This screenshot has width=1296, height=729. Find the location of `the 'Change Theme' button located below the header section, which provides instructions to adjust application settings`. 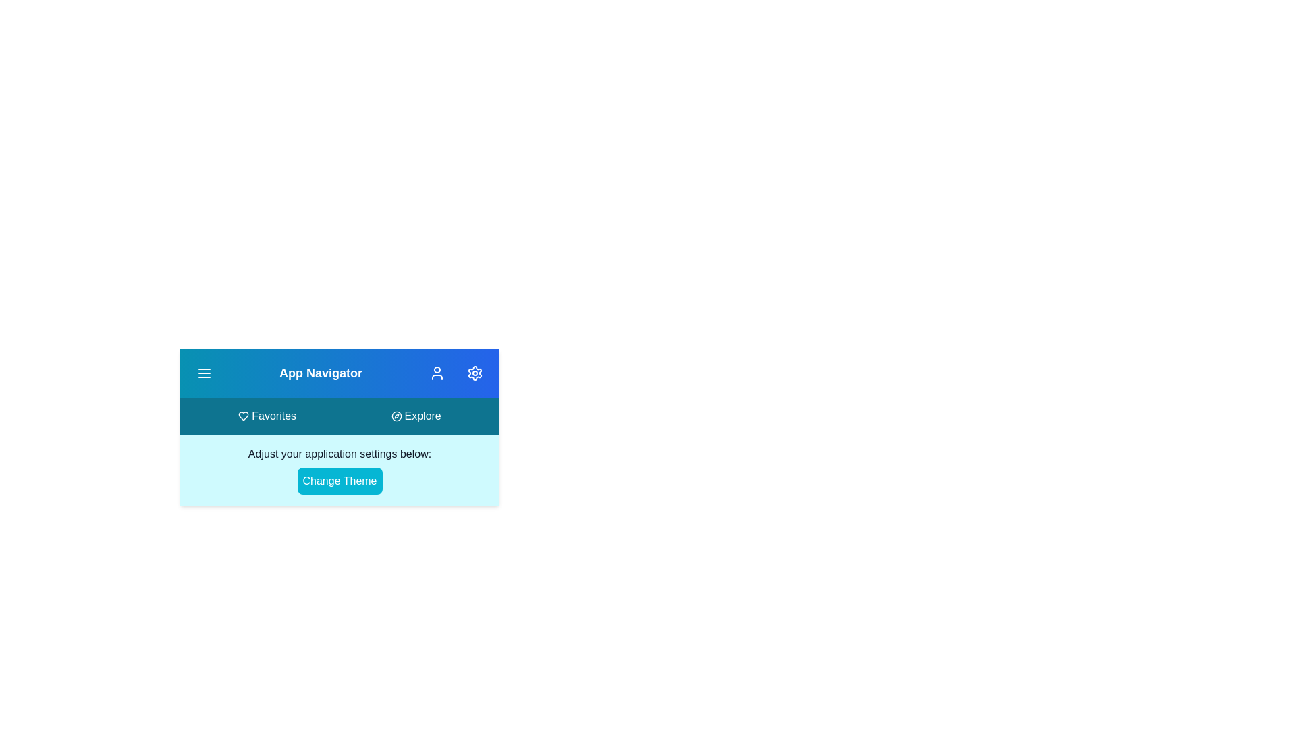

the 'Change Theme' button located below the header section, which provides instructions to adjust application settings is located at coordinates (340, 470).